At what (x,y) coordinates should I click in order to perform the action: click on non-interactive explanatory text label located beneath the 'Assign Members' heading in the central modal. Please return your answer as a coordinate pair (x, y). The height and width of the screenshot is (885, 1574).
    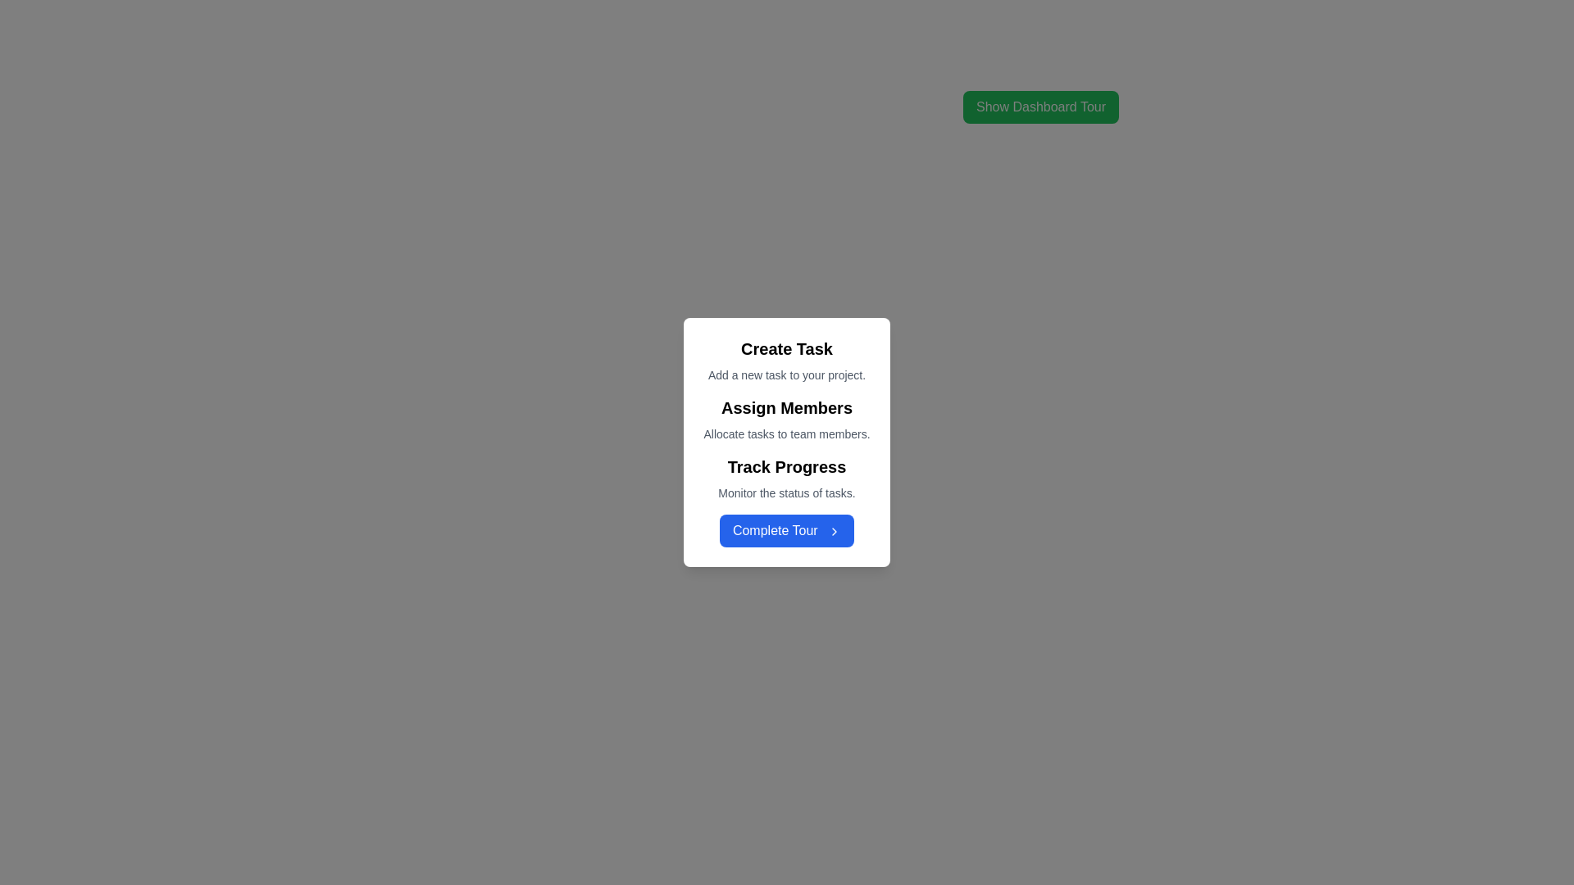
    Looking at the image, I should click on (787, 433).